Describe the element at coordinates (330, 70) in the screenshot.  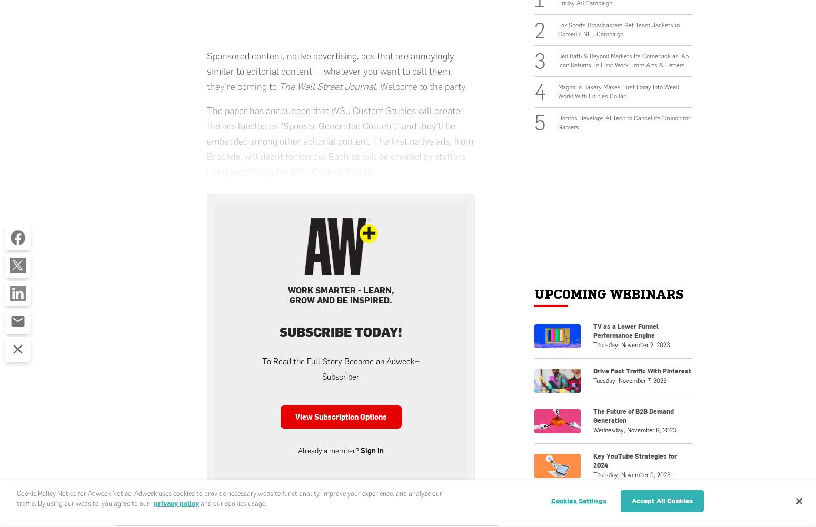
I see `'Sponsored content, native advertising, ads that are annoyingly similar to editorial content — whatever you want to call them, they’re coming to'` at that location.